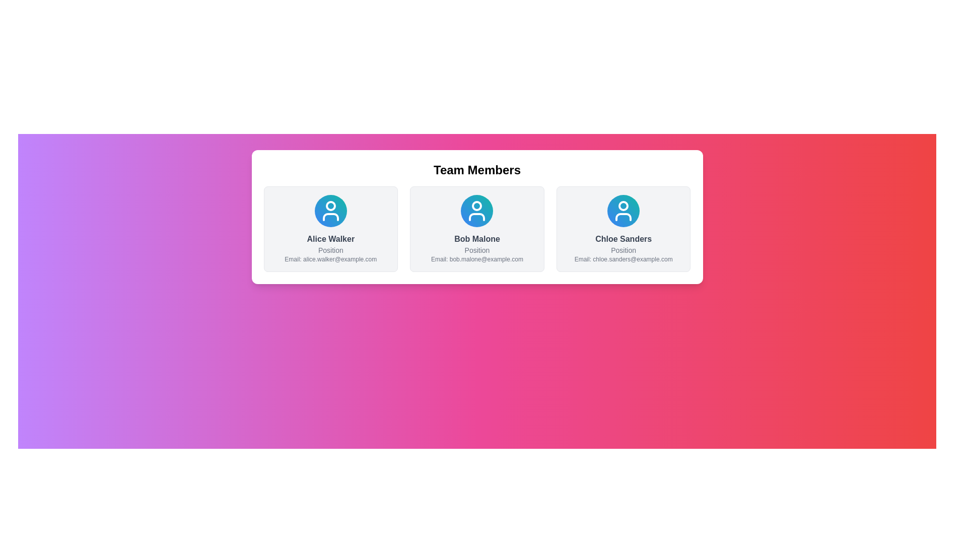 This screenshot has height=544, width=967. I want to click on text label displaying 'Position' located beneath the name 'Alice Walker' in the central profile card, so click(330, 250).